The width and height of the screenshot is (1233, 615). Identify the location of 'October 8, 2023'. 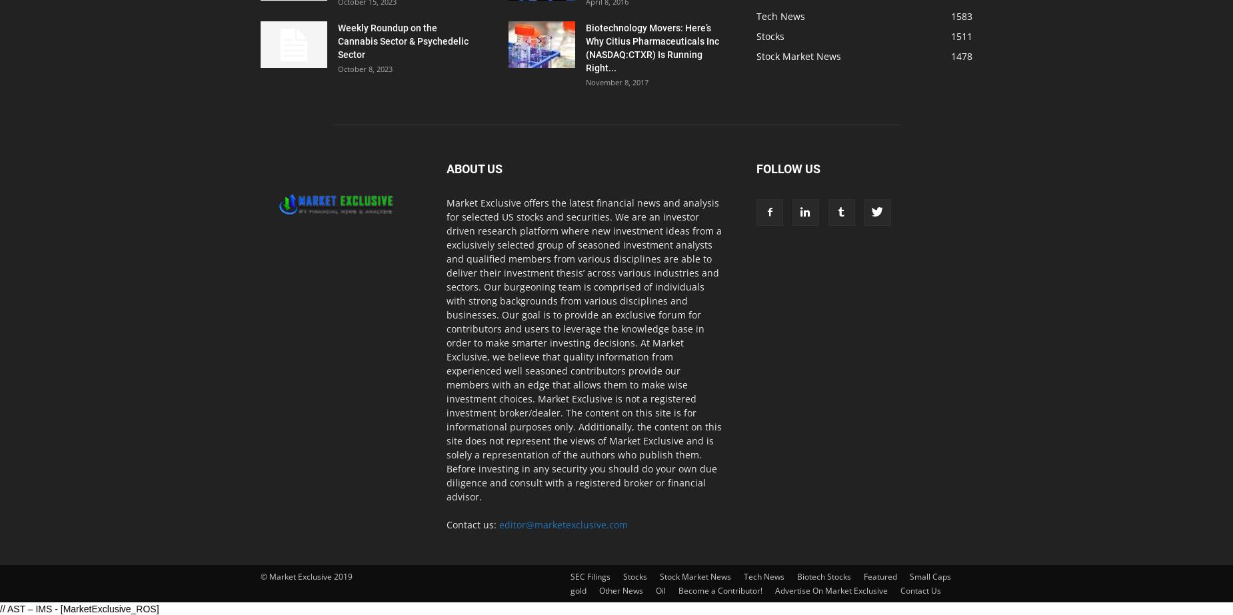
(365, 69).